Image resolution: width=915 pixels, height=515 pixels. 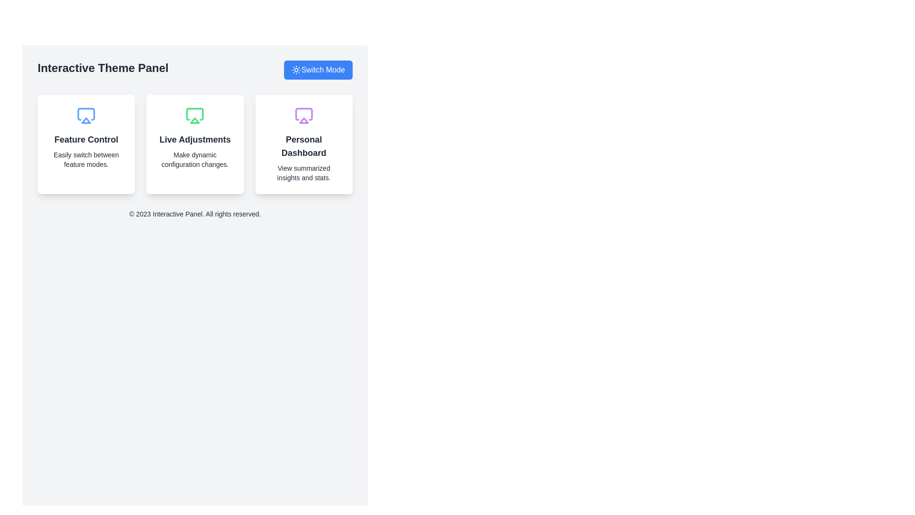 What do you see at coordinates (318, 69) in the screenshot?
I see `the toggle button located at the top-right corner of the 'Interactive Theme Panel' to switch the mode` at bounding box center [318, 69].